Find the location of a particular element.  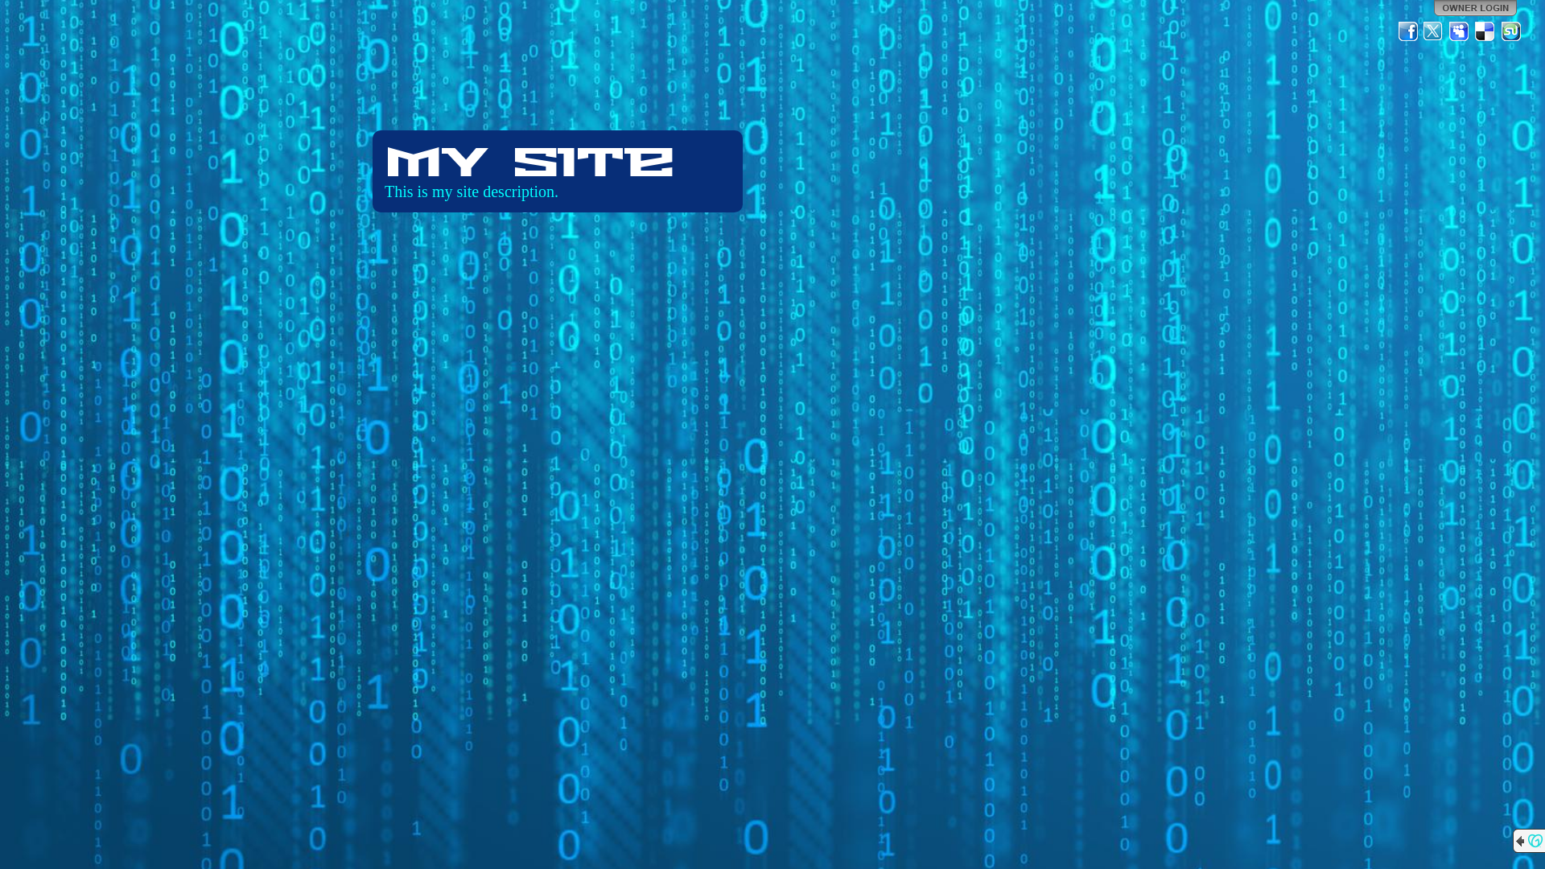

'StumbleUpon' is located at coordinates (1498, 31).